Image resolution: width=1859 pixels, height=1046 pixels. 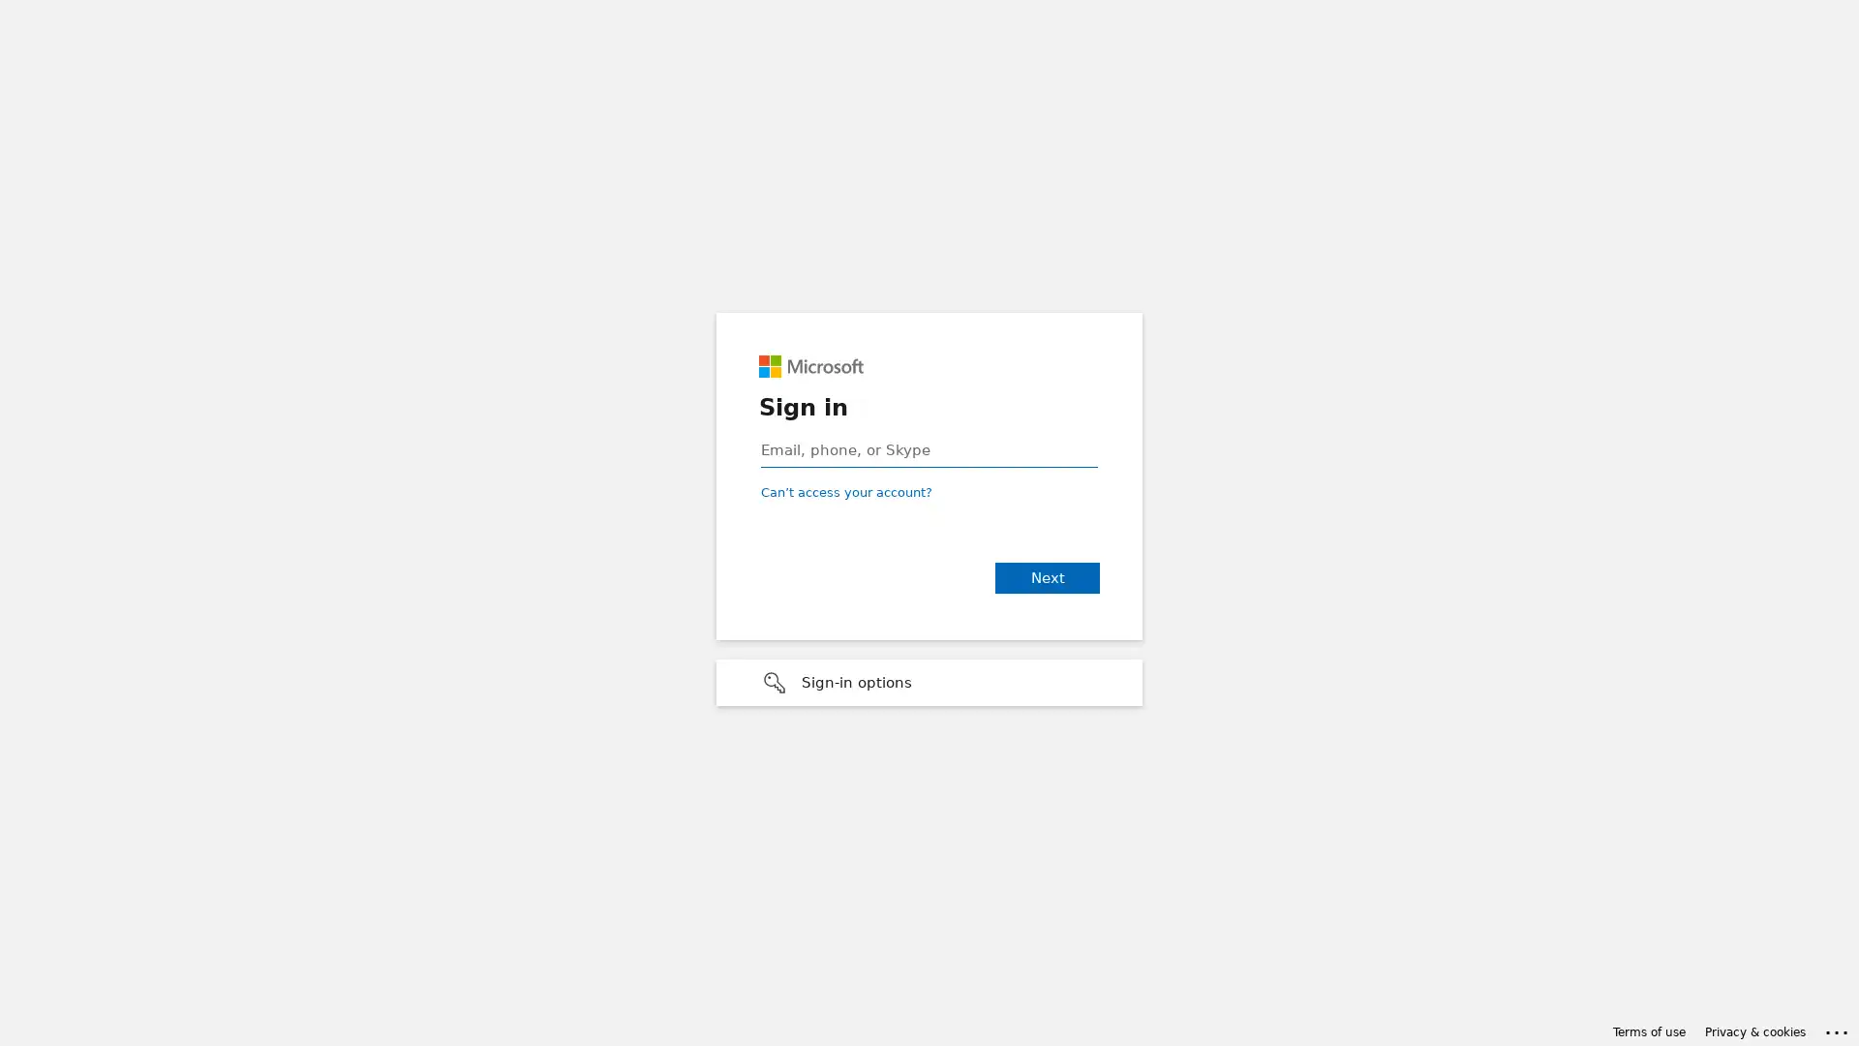 What do you see at coordinates (1046, 577) in the screenshot?
I see `Next` at bounding box center [1046, 577].